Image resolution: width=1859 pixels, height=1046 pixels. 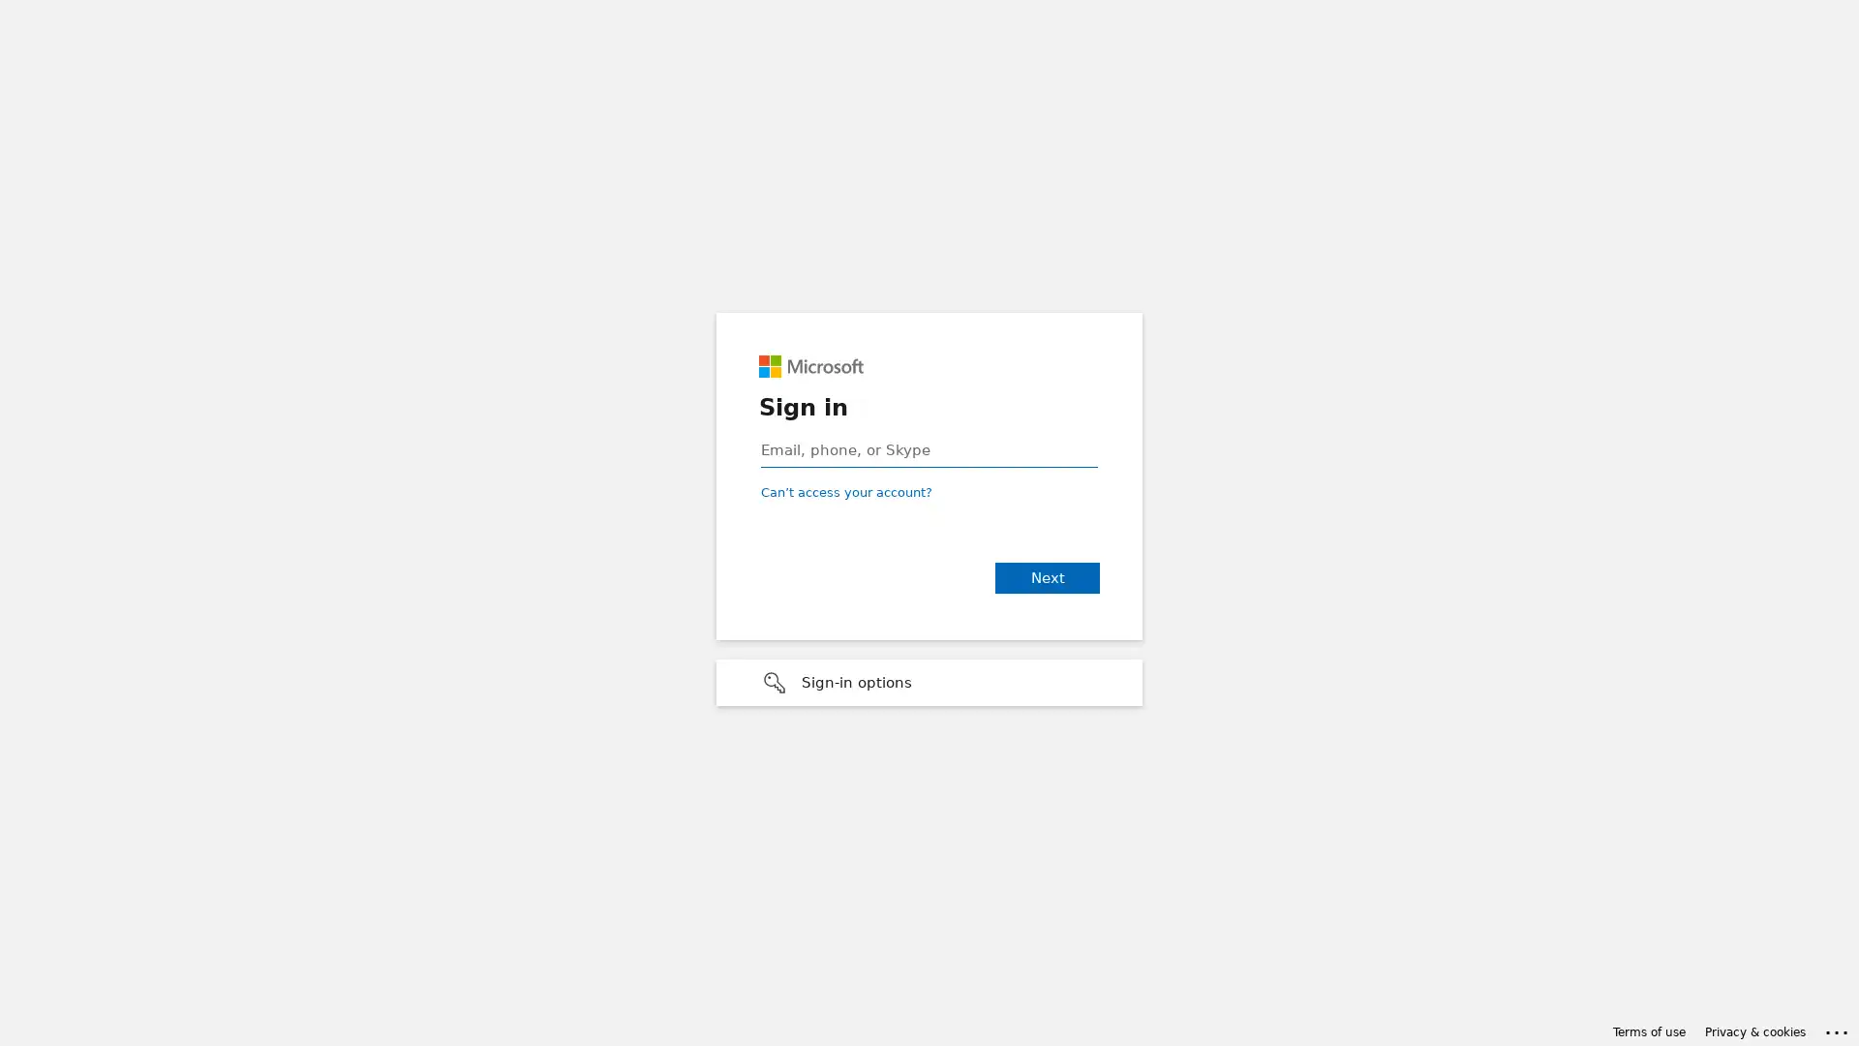 What do you see at coordinates (1046, 577) in the screenshot?
I see `Next` at bounding box center [1046, 577].